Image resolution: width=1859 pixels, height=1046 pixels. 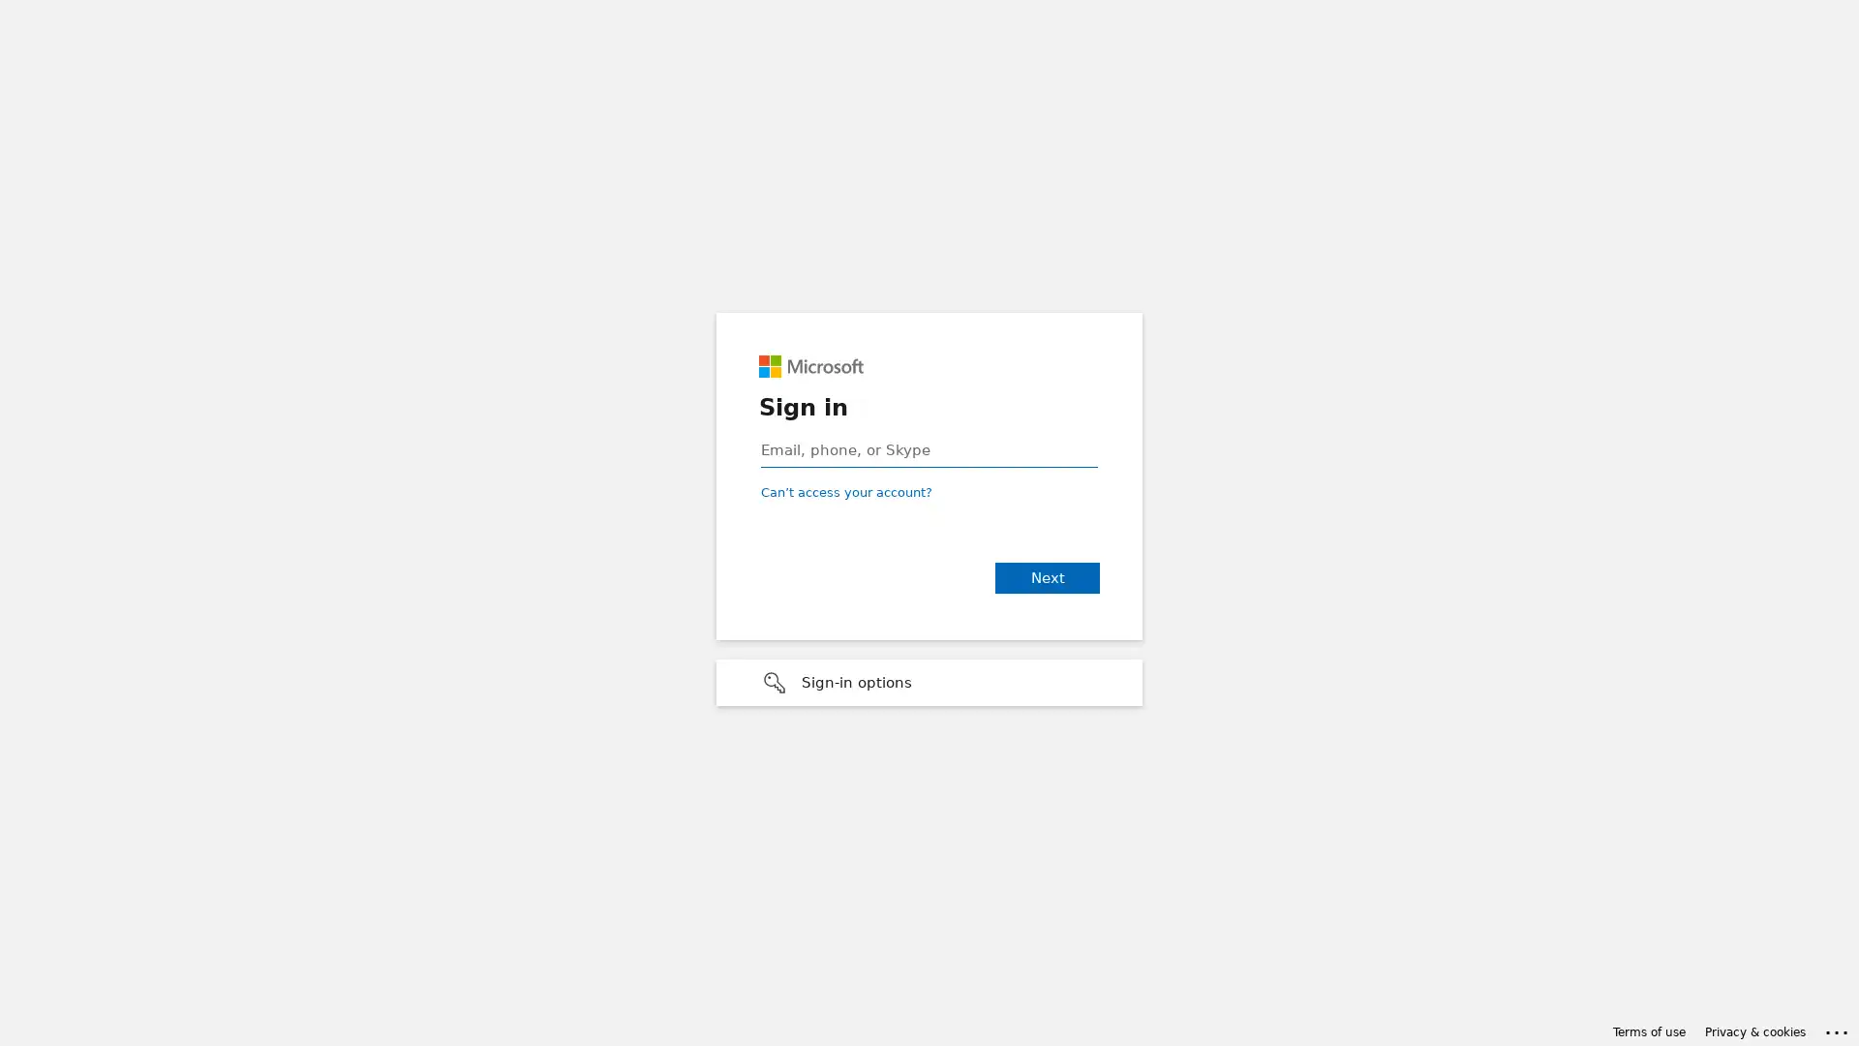 What do you see at coordinates (1046, 577) in the screenshot?
I see `Next` at bounding box center [1046, 577].